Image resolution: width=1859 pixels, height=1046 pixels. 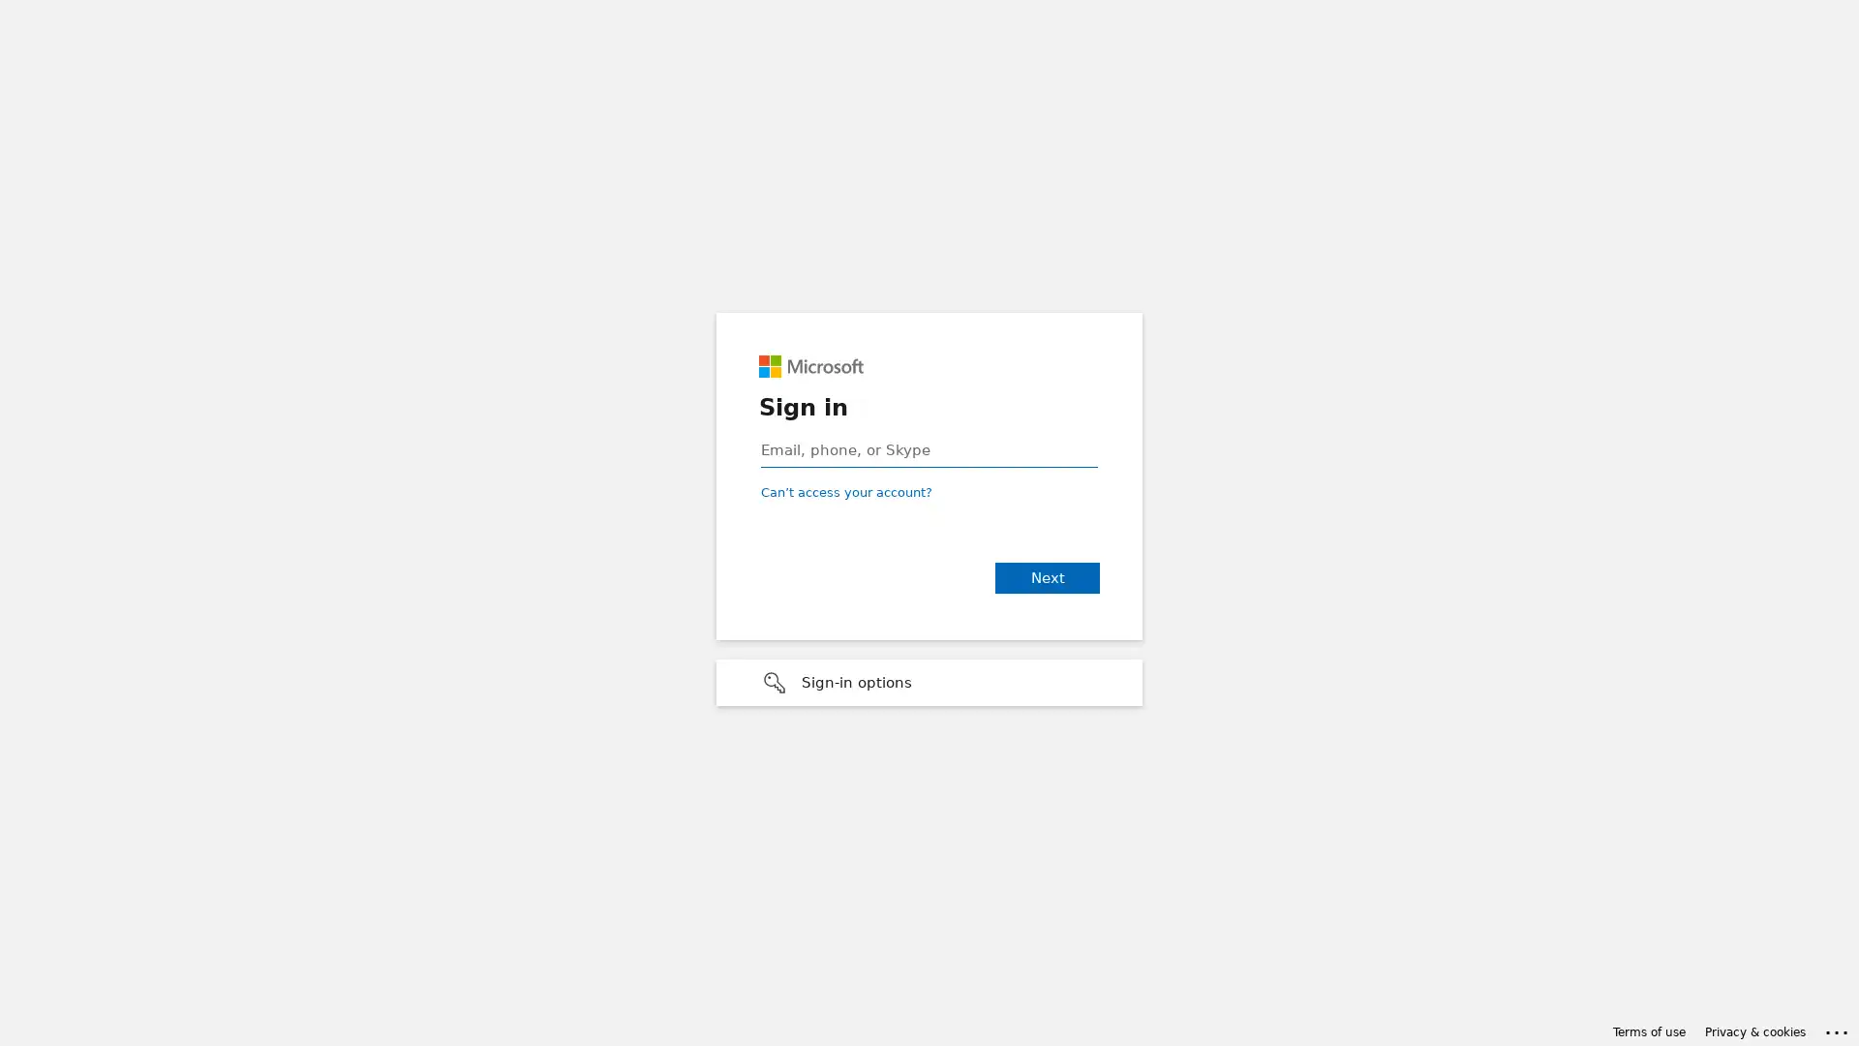 What do you see at coordinates (1046, 577) in the screenshot?
I see `Next` at bounding box center [1046, 577].